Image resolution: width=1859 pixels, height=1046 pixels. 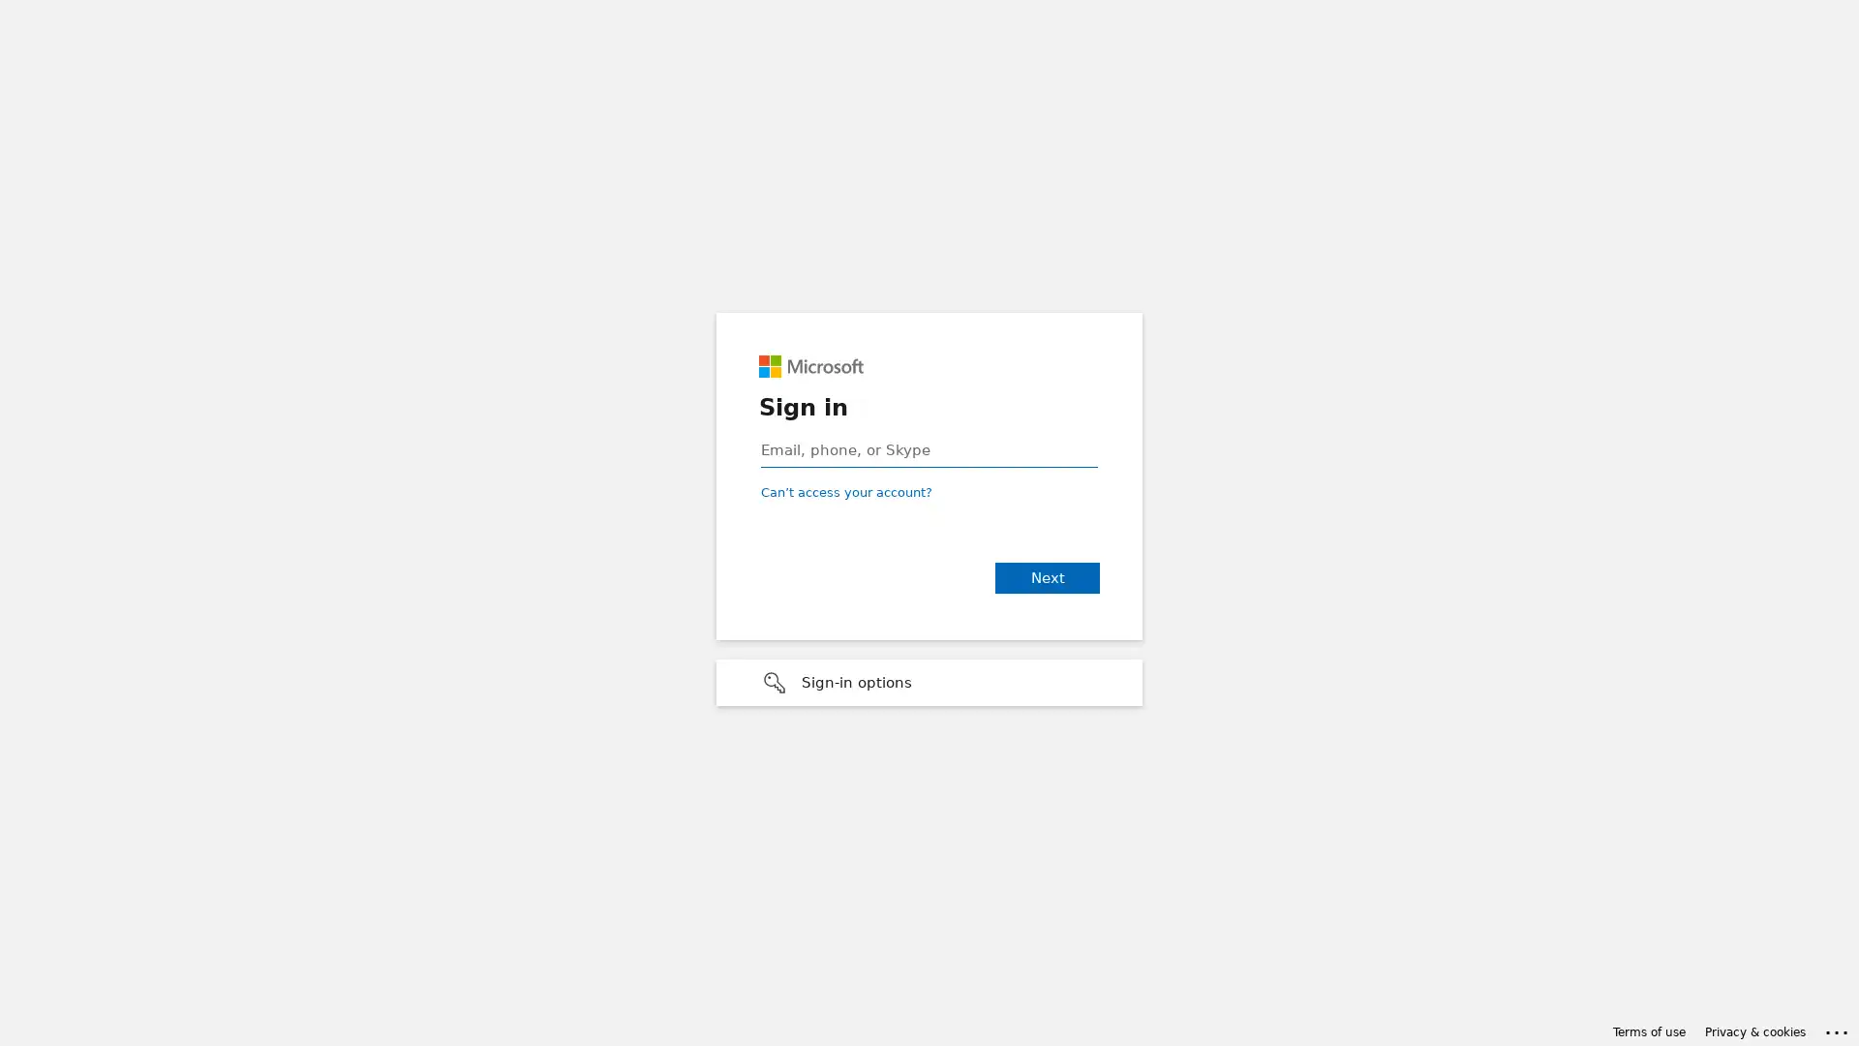 What do you see at coordinates (1046, 577) in the screenshot?
I see `Next` at bounding box center [1046, 577].